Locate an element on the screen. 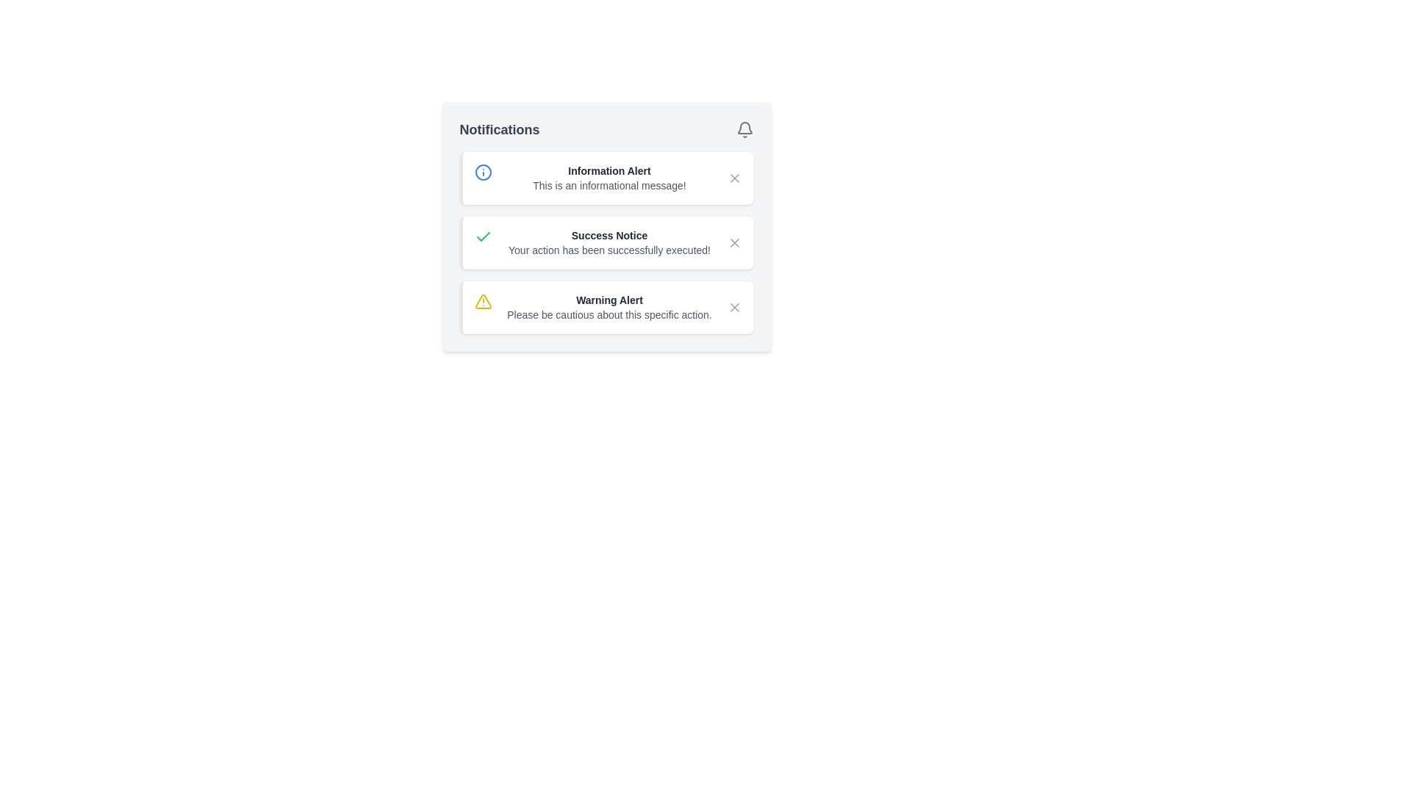 The height and width of the screenshot is (793, 1411). the blue circular icon with an information symbol located is located at coordinates (483, 172).